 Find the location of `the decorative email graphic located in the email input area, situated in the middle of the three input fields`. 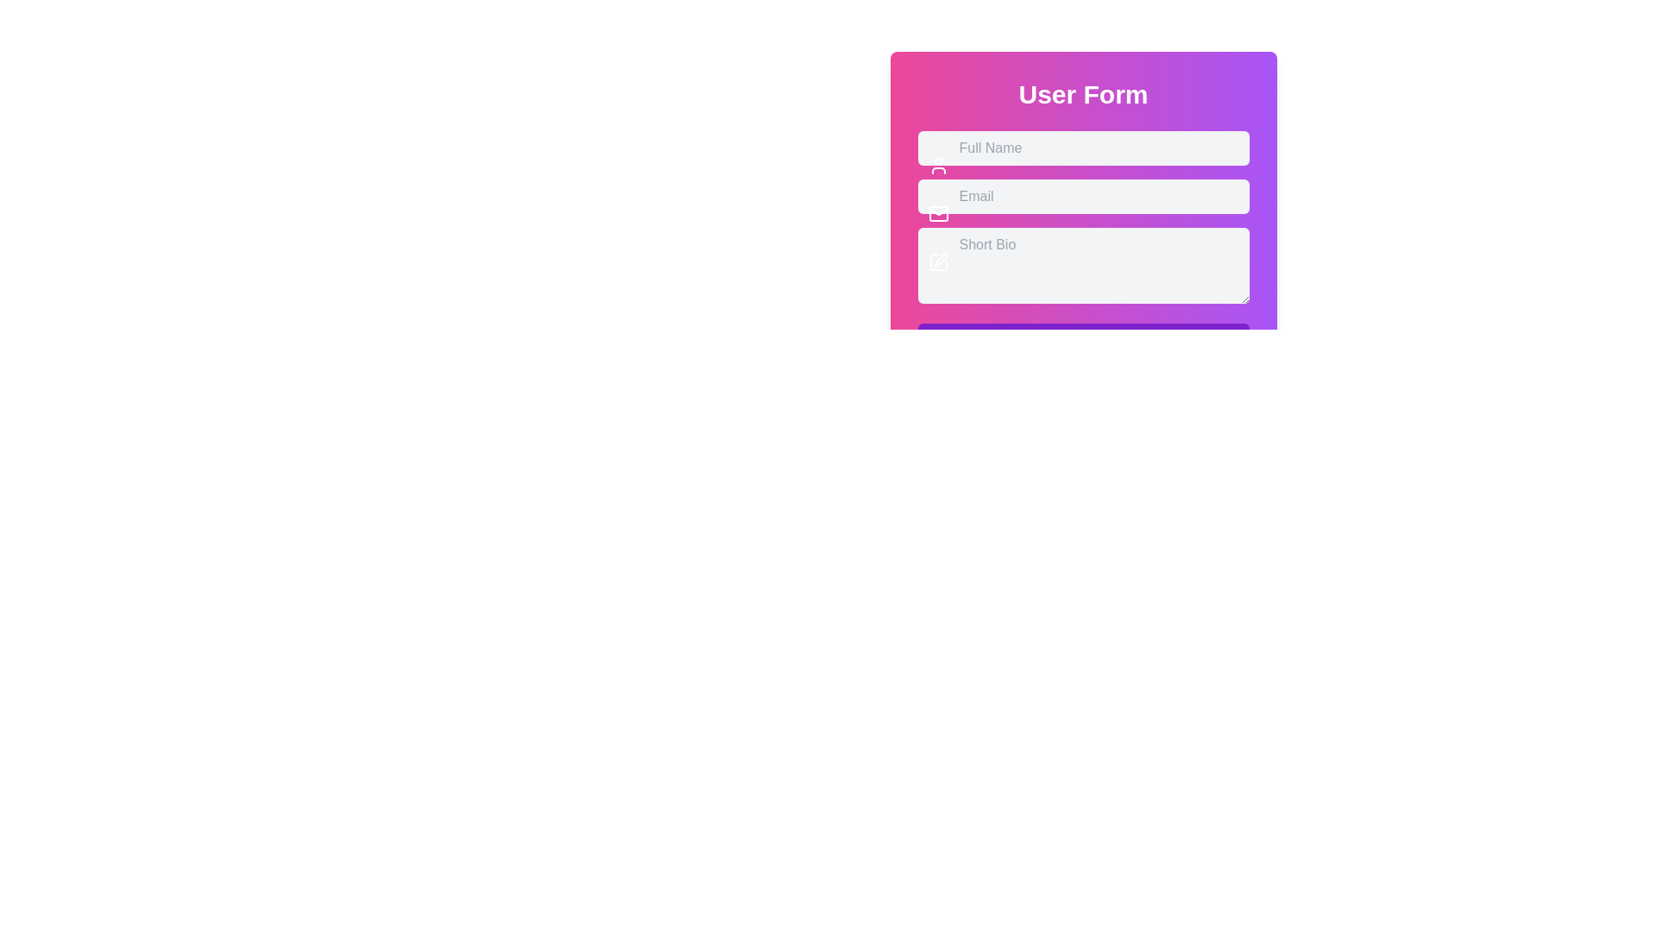

the decorative email graphic located in the email input area, situated in the middle of the three input fields is located at coordinates (937, 211).